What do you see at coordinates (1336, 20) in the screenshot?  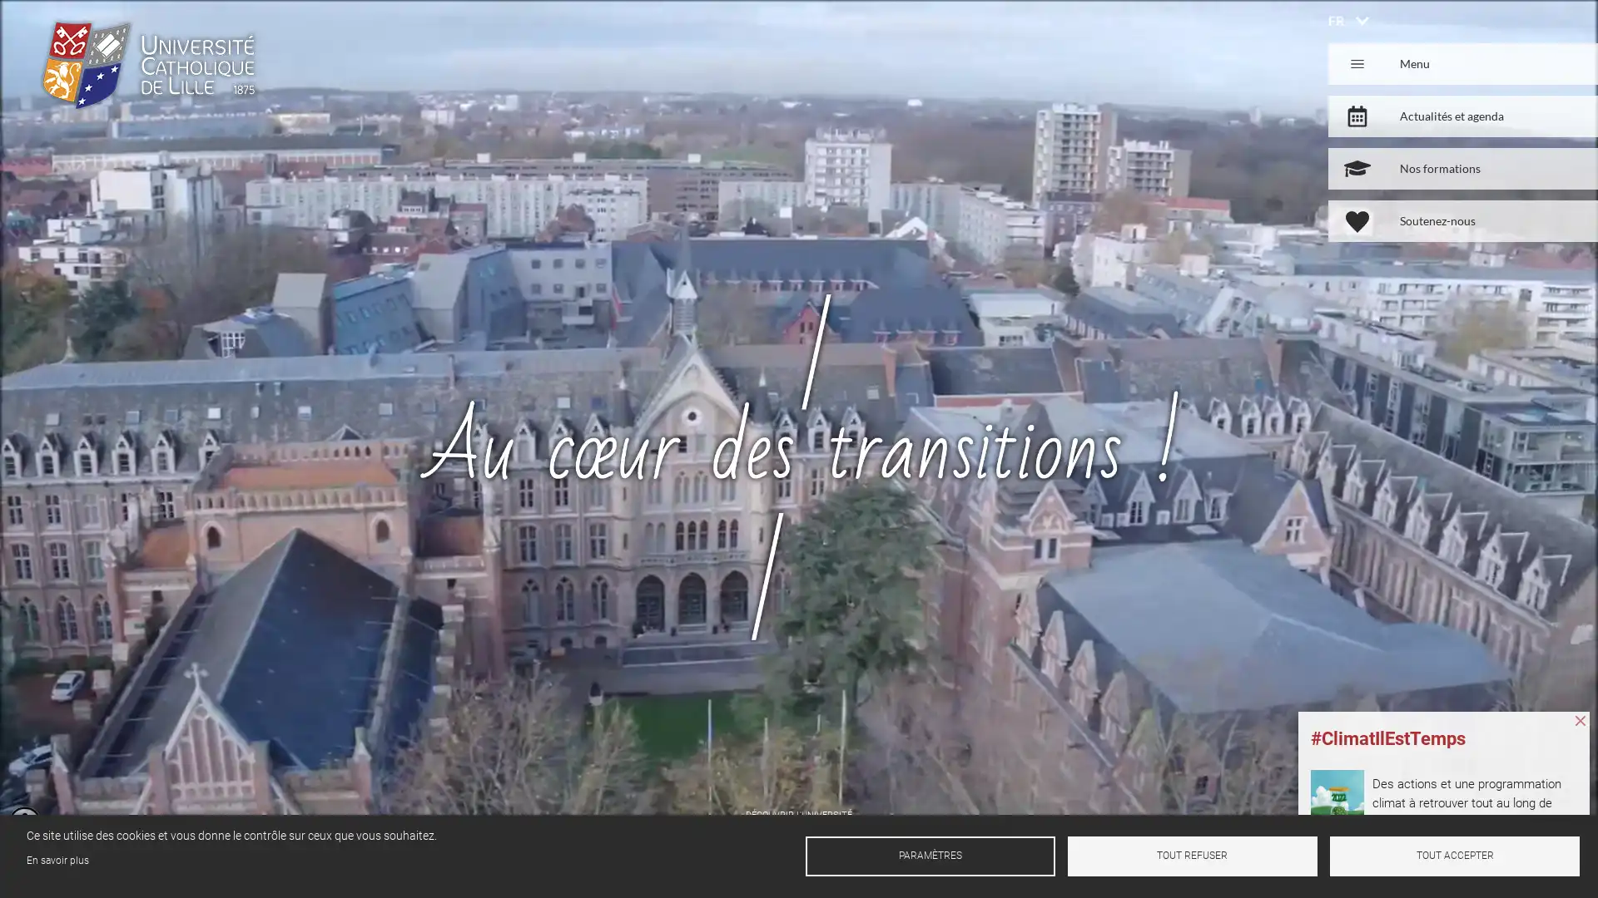 I see `FR` at bounding box center [1336, 20].